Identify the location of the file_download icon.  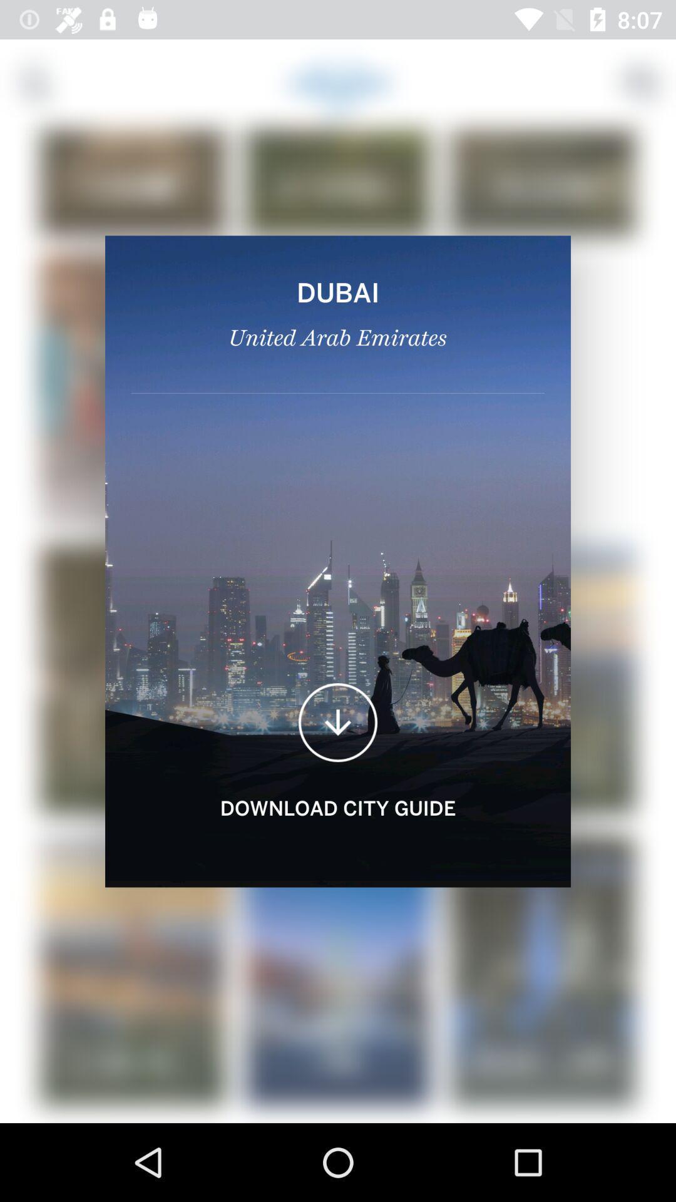
(338, 722).